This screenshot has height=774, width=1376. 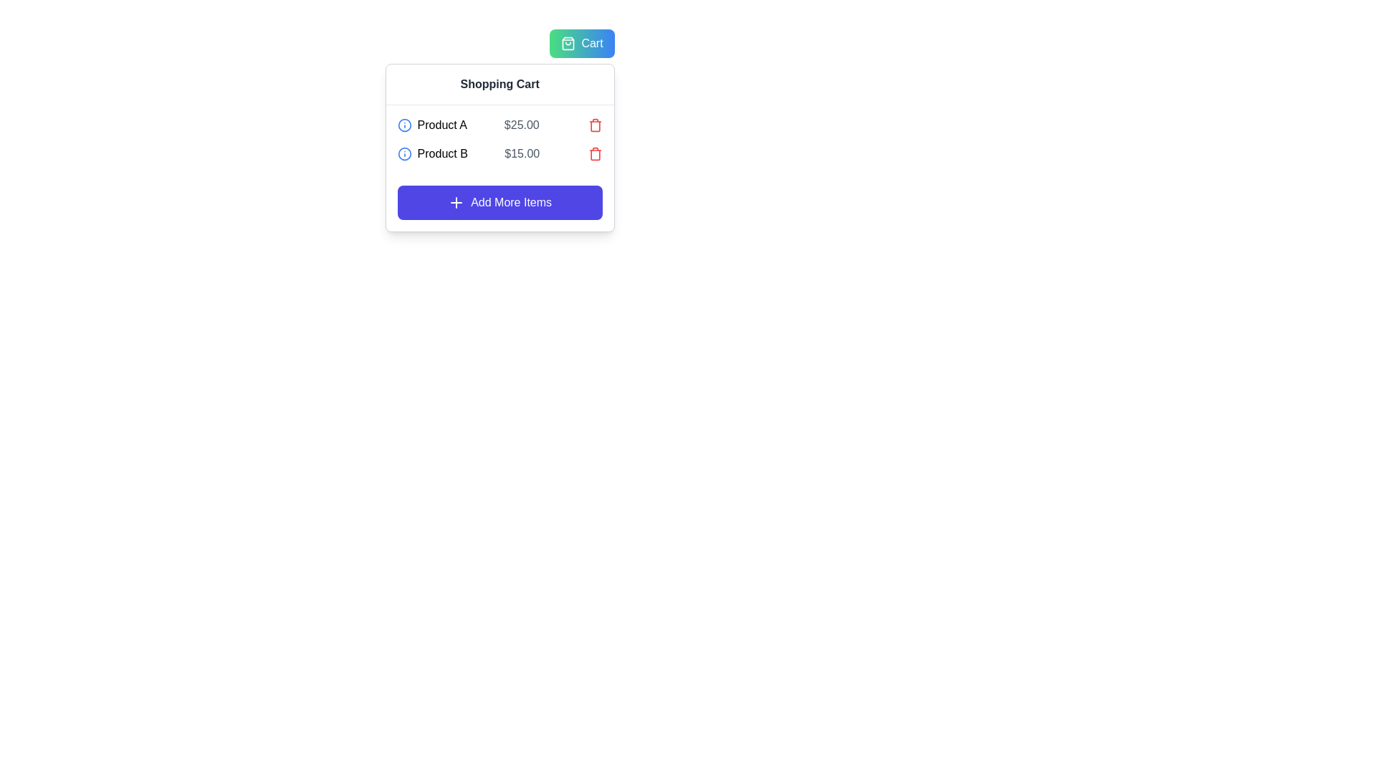 What do you see at coordinates (431, 124) in the screenshot?
I see `the text label displaying 'Product A', which is styled in a black font and is the first item in a vertical list of products in the shopping cart interface` at bounding box center [431, 124].